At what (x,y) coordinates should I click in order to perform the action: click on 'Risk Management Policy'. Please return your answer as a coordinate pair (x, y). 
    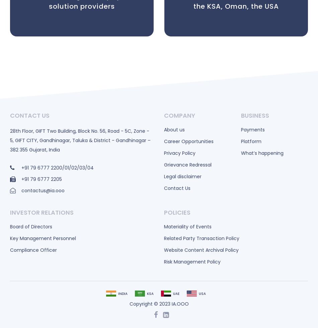
    Looking at the image, I should click on (192, 262).